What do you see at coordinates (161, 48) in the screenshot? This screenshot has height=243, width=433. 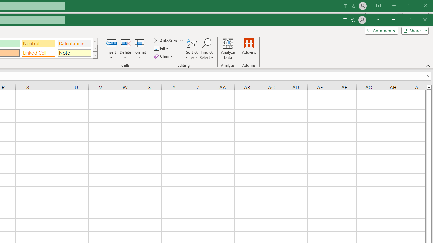 I see `'Fill'` at bounding box center [161, 48].